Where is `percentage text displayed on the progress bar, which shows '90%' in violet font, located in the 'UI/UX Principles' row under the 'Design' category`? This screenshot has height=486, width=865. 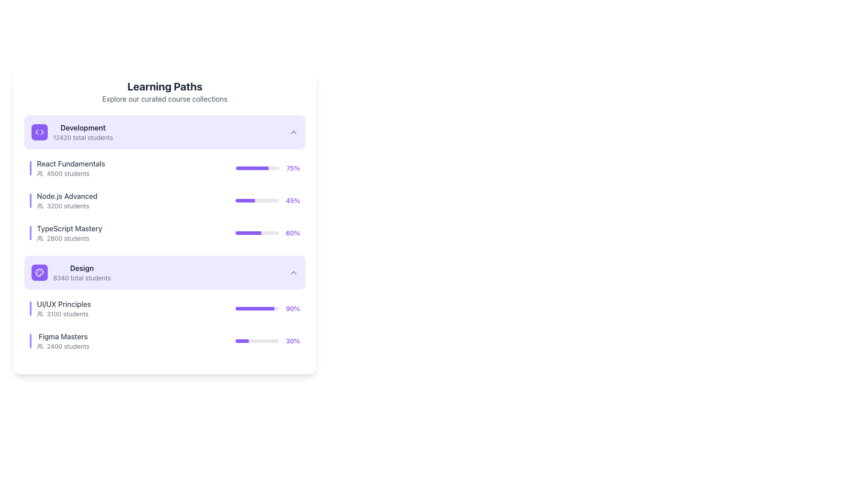
percentage text displayed on the progress bar, which shows '90%' in violet font, located in the 'UI/UX Principles' row under the 'Design' category is located at coordinates (267, 308).